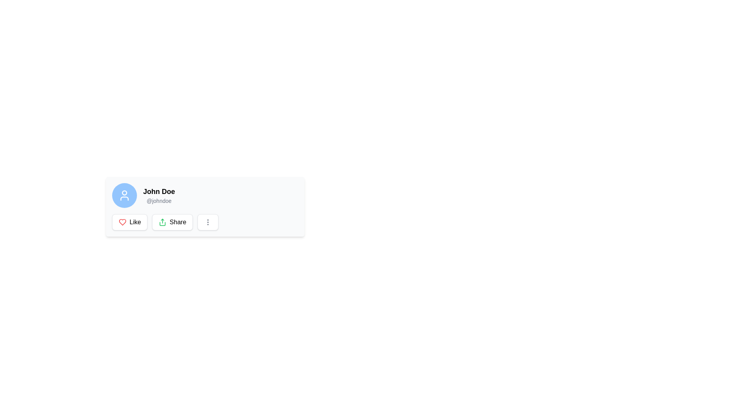 The height and width of the screenshot is (419, 745). What do you see at coordinates (158, 195) in the screenshot?
I see `displayed information of the composite text display element showing the user's name 'John Doe' and username '@johndoe' positioned to the right of the profile picture icon` at bounding box center [158, 195].